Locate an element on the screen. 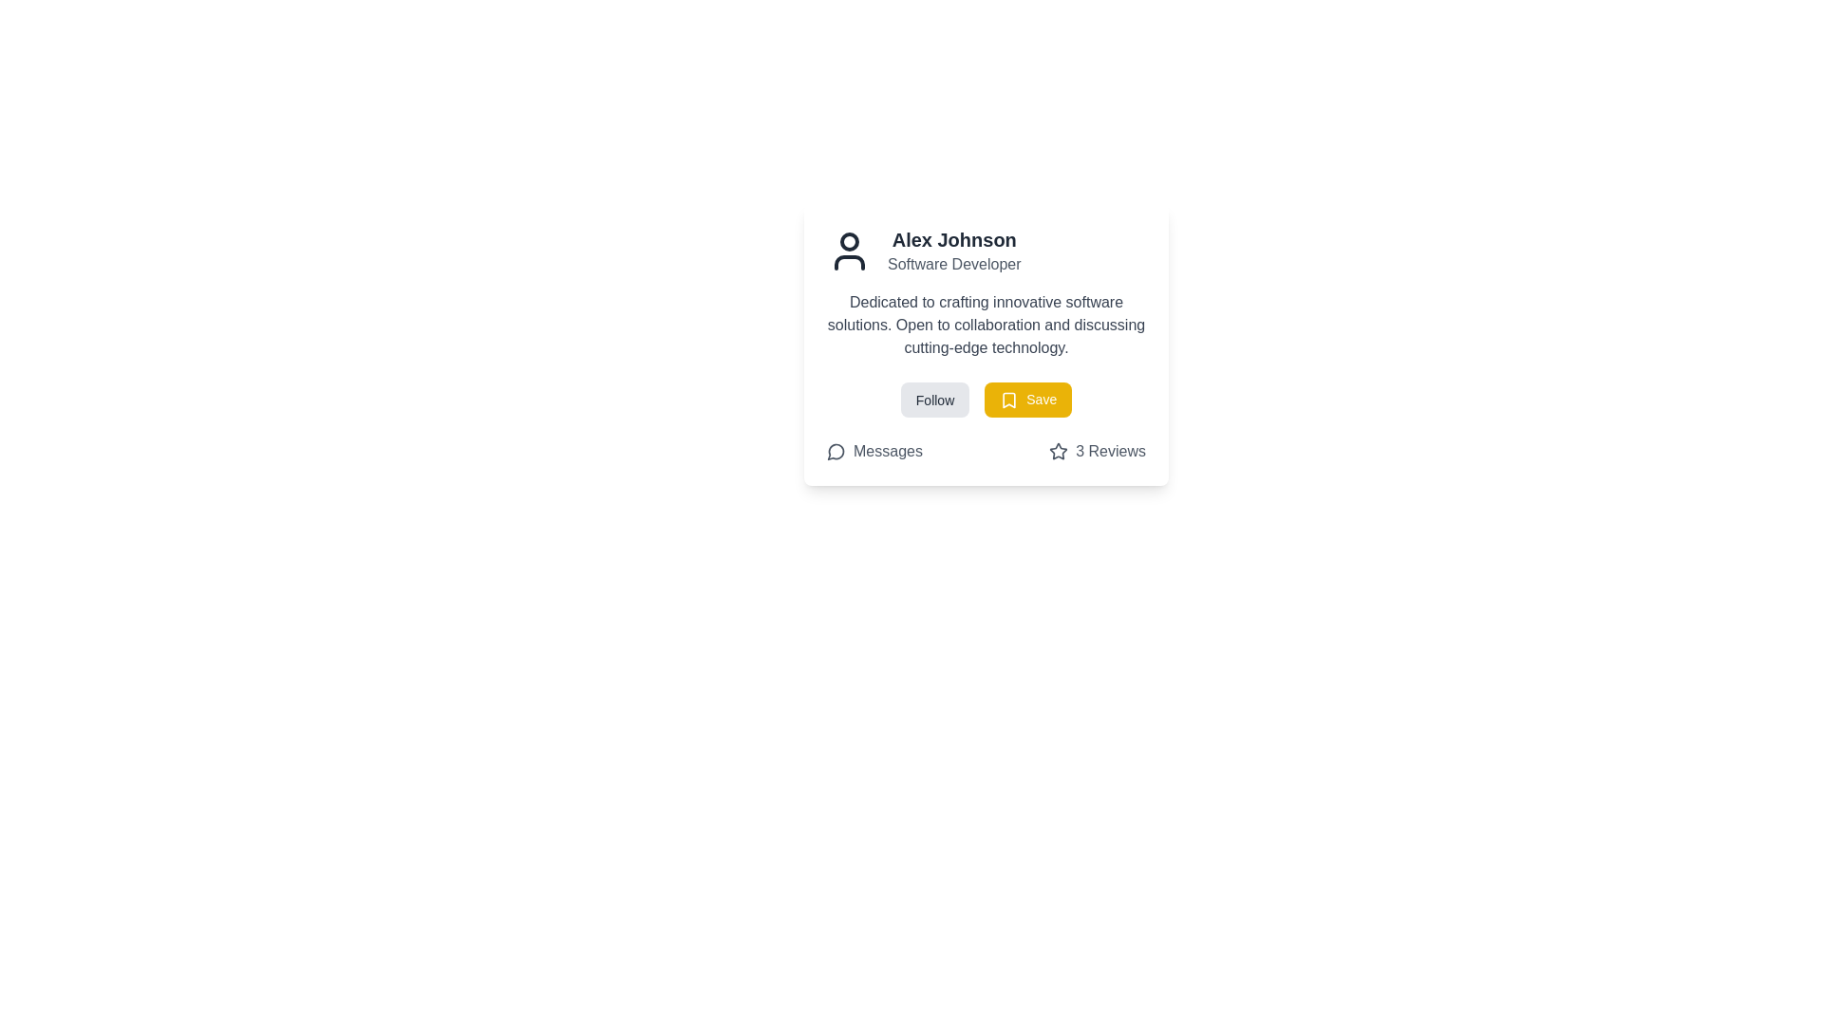 This screenshot has height=1025, width=1823. the 'Save' button with a yellow background and white text to activate visual feedback is located at coordinates (1027, 399).